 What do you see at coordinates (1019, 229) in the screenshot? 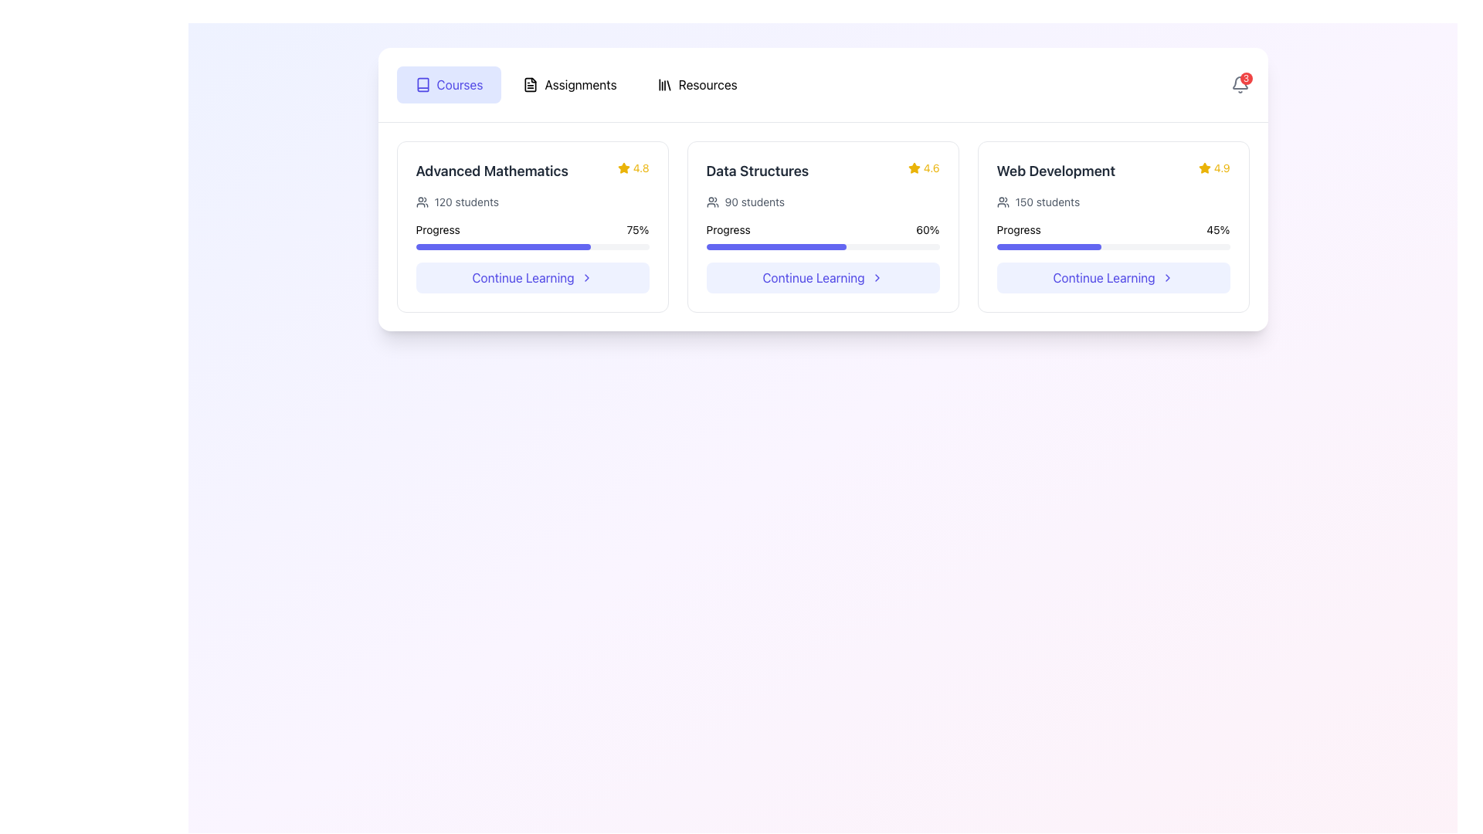
I see `the label located in the rightmost card of the horizontally aligned triplet, which provides clarification for the progress-related information and is positioned above the progress bar near the percentage value '45%` at bounding box center [1019, 229].